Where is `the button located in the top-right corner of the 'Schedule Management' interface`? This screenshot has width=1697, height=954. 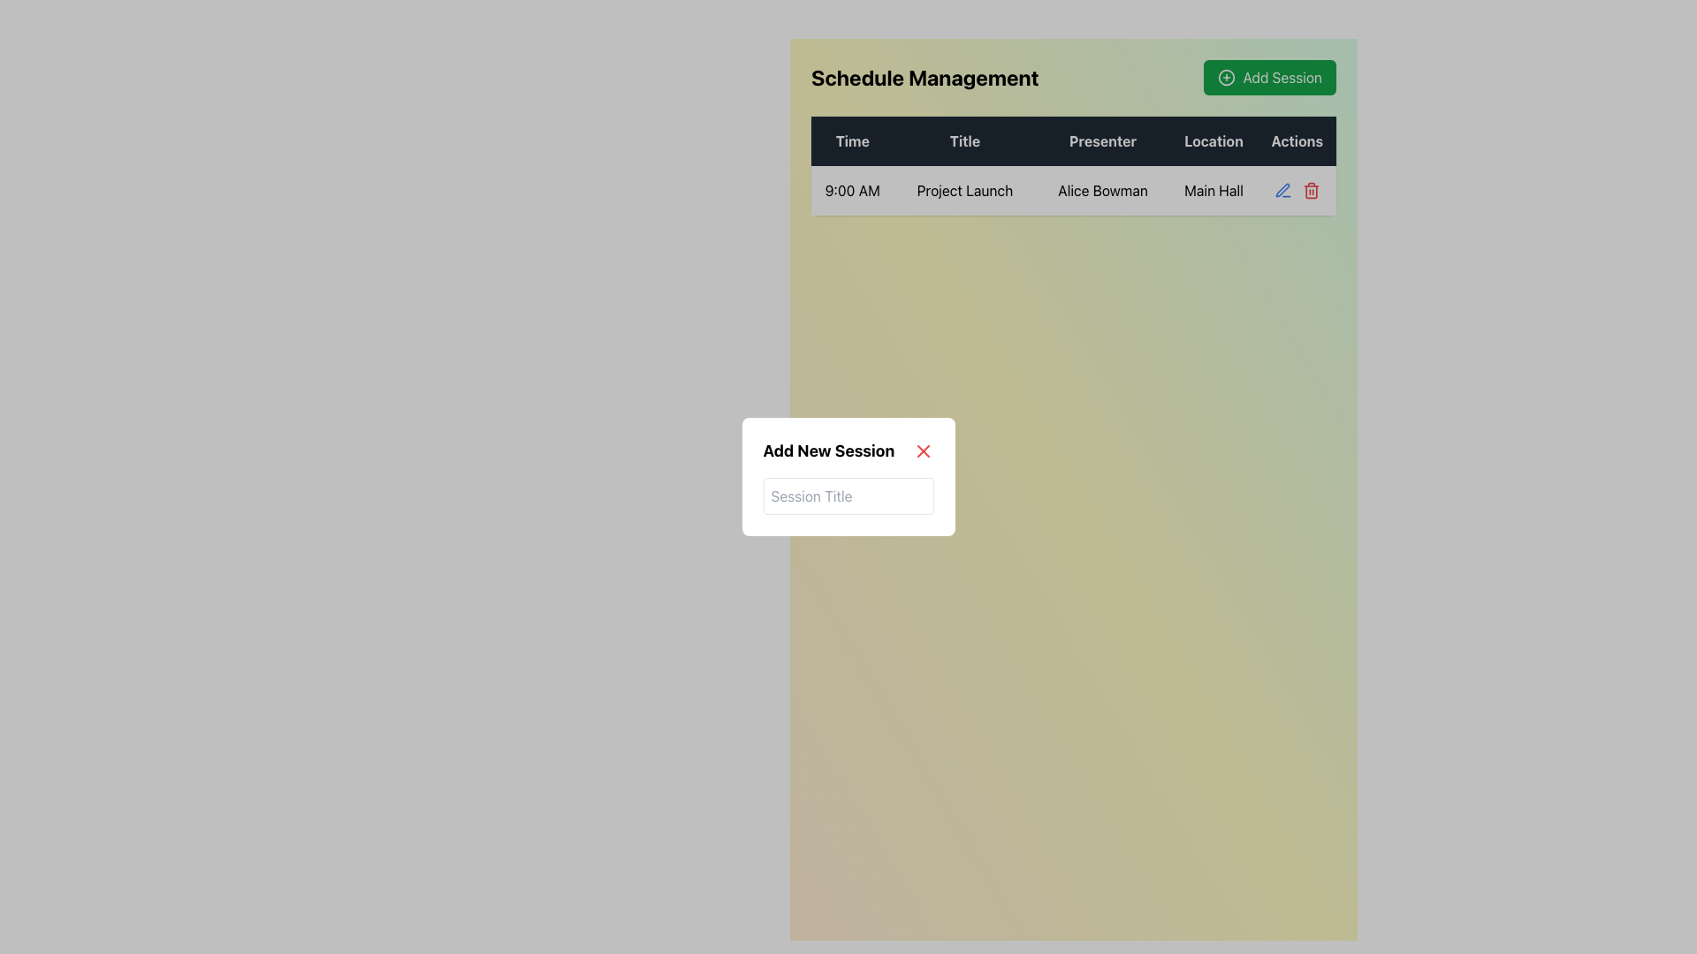 the button located in the top-right corner of the 'Schedule Management' interface is located at coordinates (1268, 77).